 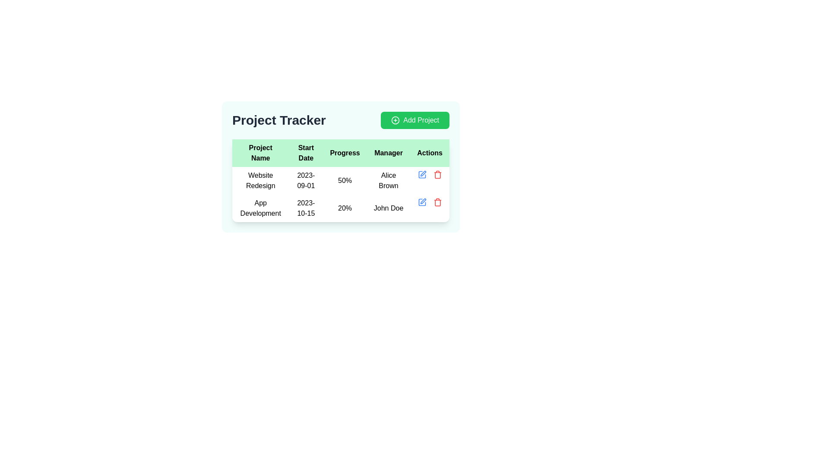 What do you see at coordinates (422, 202) in the screenshot?
I see `the edit button in the 'Actions' column of the second row` at bounding box center [422, 202].